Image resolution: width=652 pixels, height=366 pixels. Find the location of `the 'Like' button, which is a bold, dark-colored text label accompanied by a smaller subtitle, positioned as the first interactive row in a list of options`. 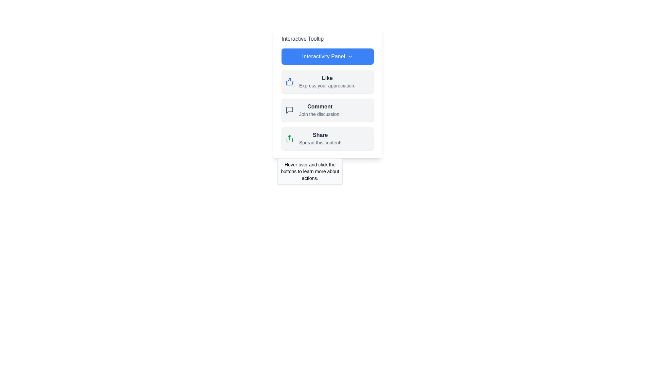

the 'Like' button, which is a bold, dark-colored text label accompanied by a smaller subtitle, positioned as the first interactive row in a list of options is located at coordinates (327, 81).